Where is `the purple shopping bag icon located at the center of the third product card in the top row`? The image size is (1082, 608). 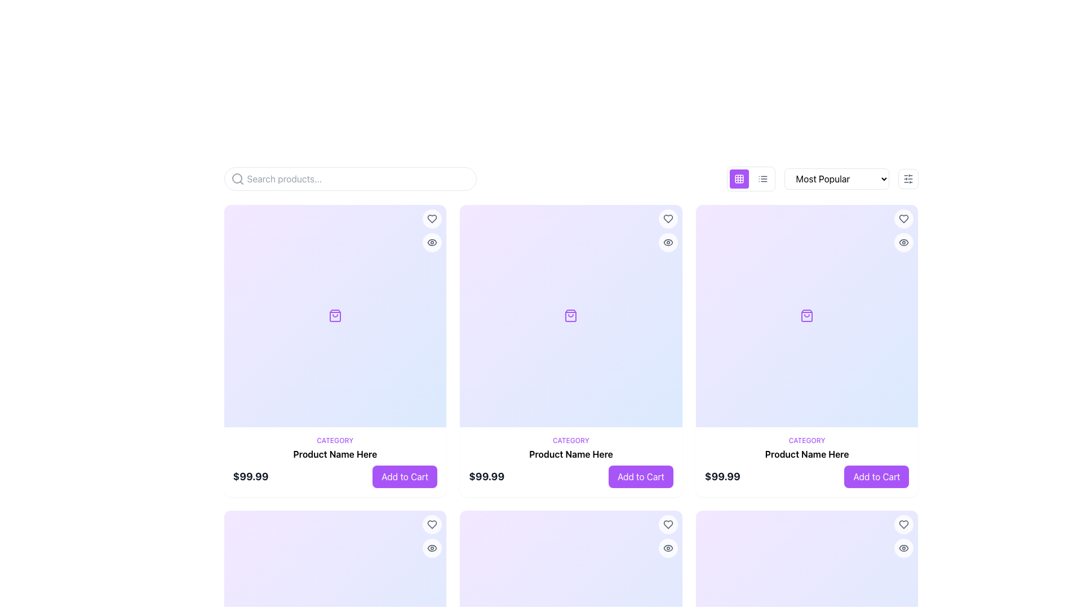
the purple shopping bag icon located at the center of the third product card in the top row is located at coordinates (806, 316).